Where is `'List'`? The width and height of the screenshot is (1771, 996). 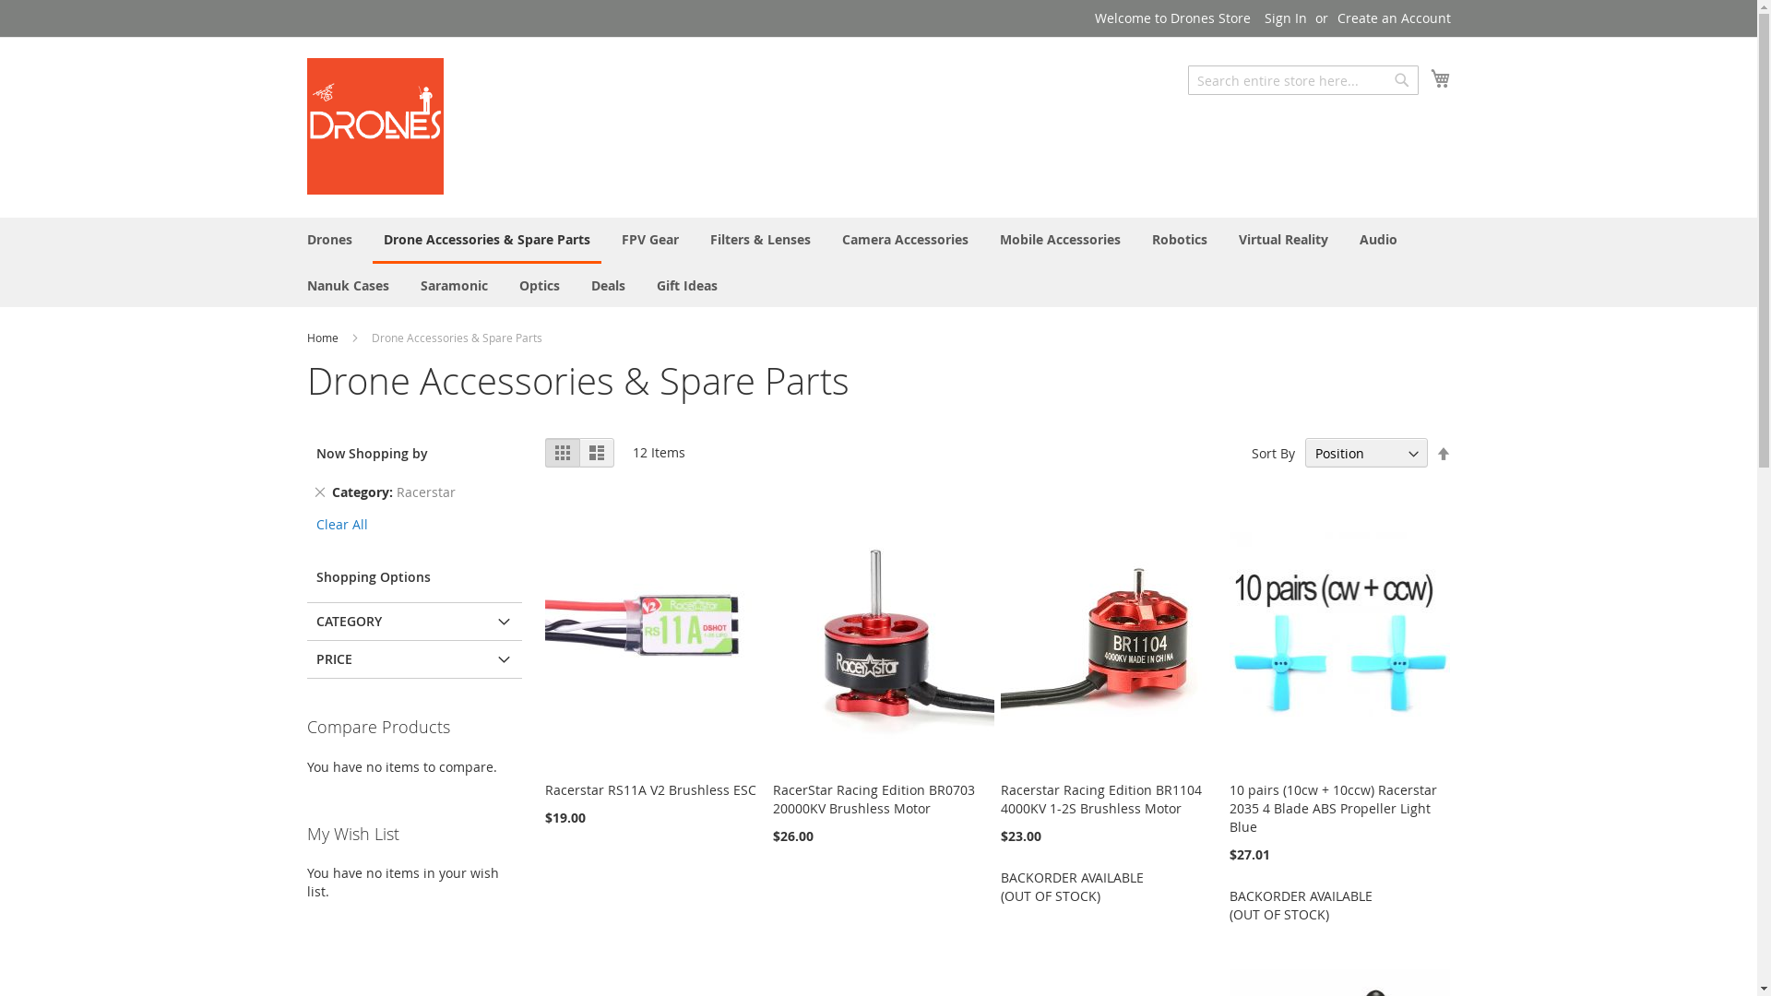 'List' is located at coordinates (578, 452).